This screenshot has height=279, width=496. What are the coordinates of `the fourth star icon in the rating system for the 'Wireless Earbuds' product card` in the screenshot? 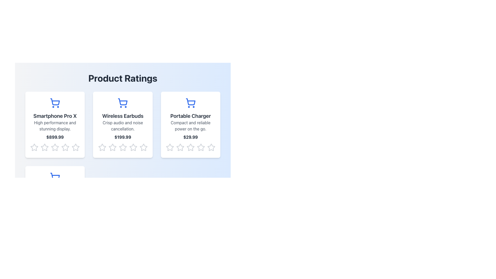 It's located at (122, 147).